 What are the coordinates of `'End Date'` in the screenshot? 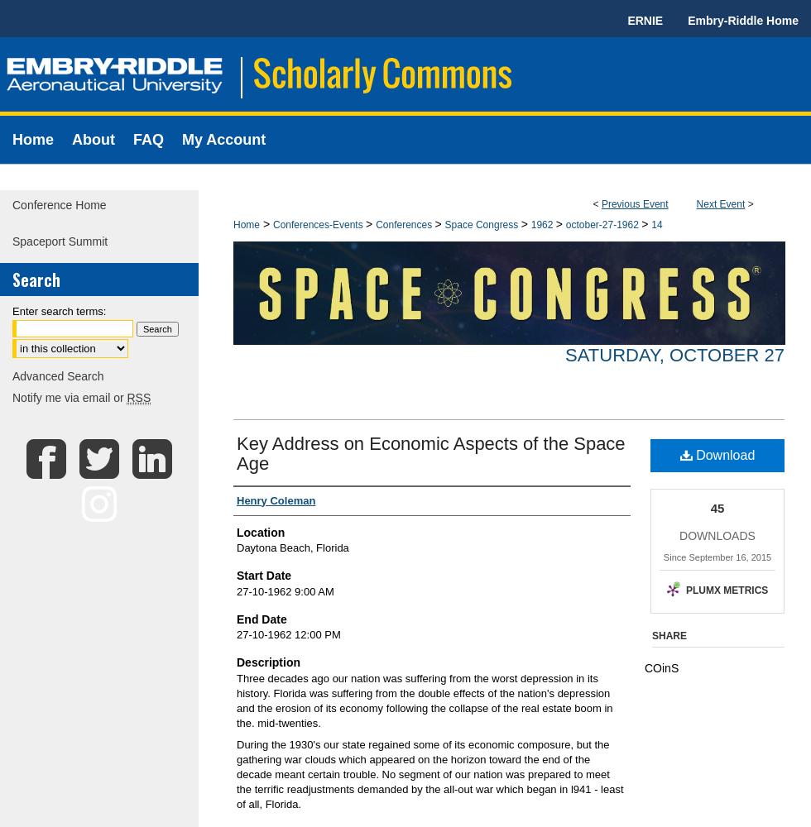 It's located at (261, 618).